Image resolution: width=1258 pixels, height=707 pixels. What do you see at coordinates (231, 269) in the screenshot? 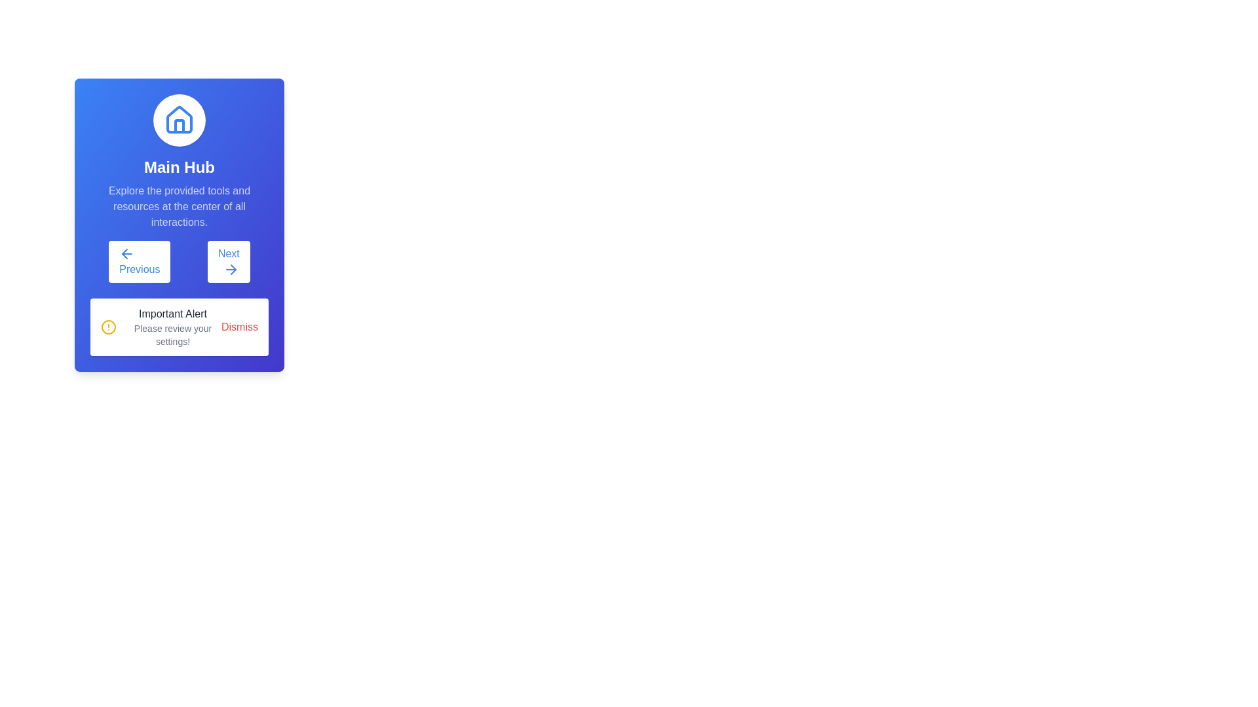
I see `the navigation icon located within the 'Next' button, which is positioned in the second row beneath the header text` at bounding box center [231, 269].